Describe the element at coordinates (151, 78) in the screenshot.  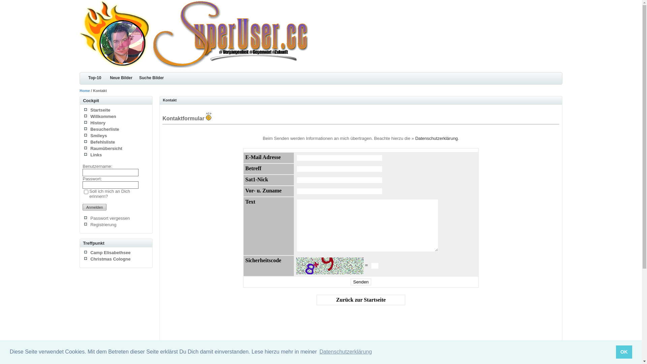
I see `'Suche Bilder'` at that location.